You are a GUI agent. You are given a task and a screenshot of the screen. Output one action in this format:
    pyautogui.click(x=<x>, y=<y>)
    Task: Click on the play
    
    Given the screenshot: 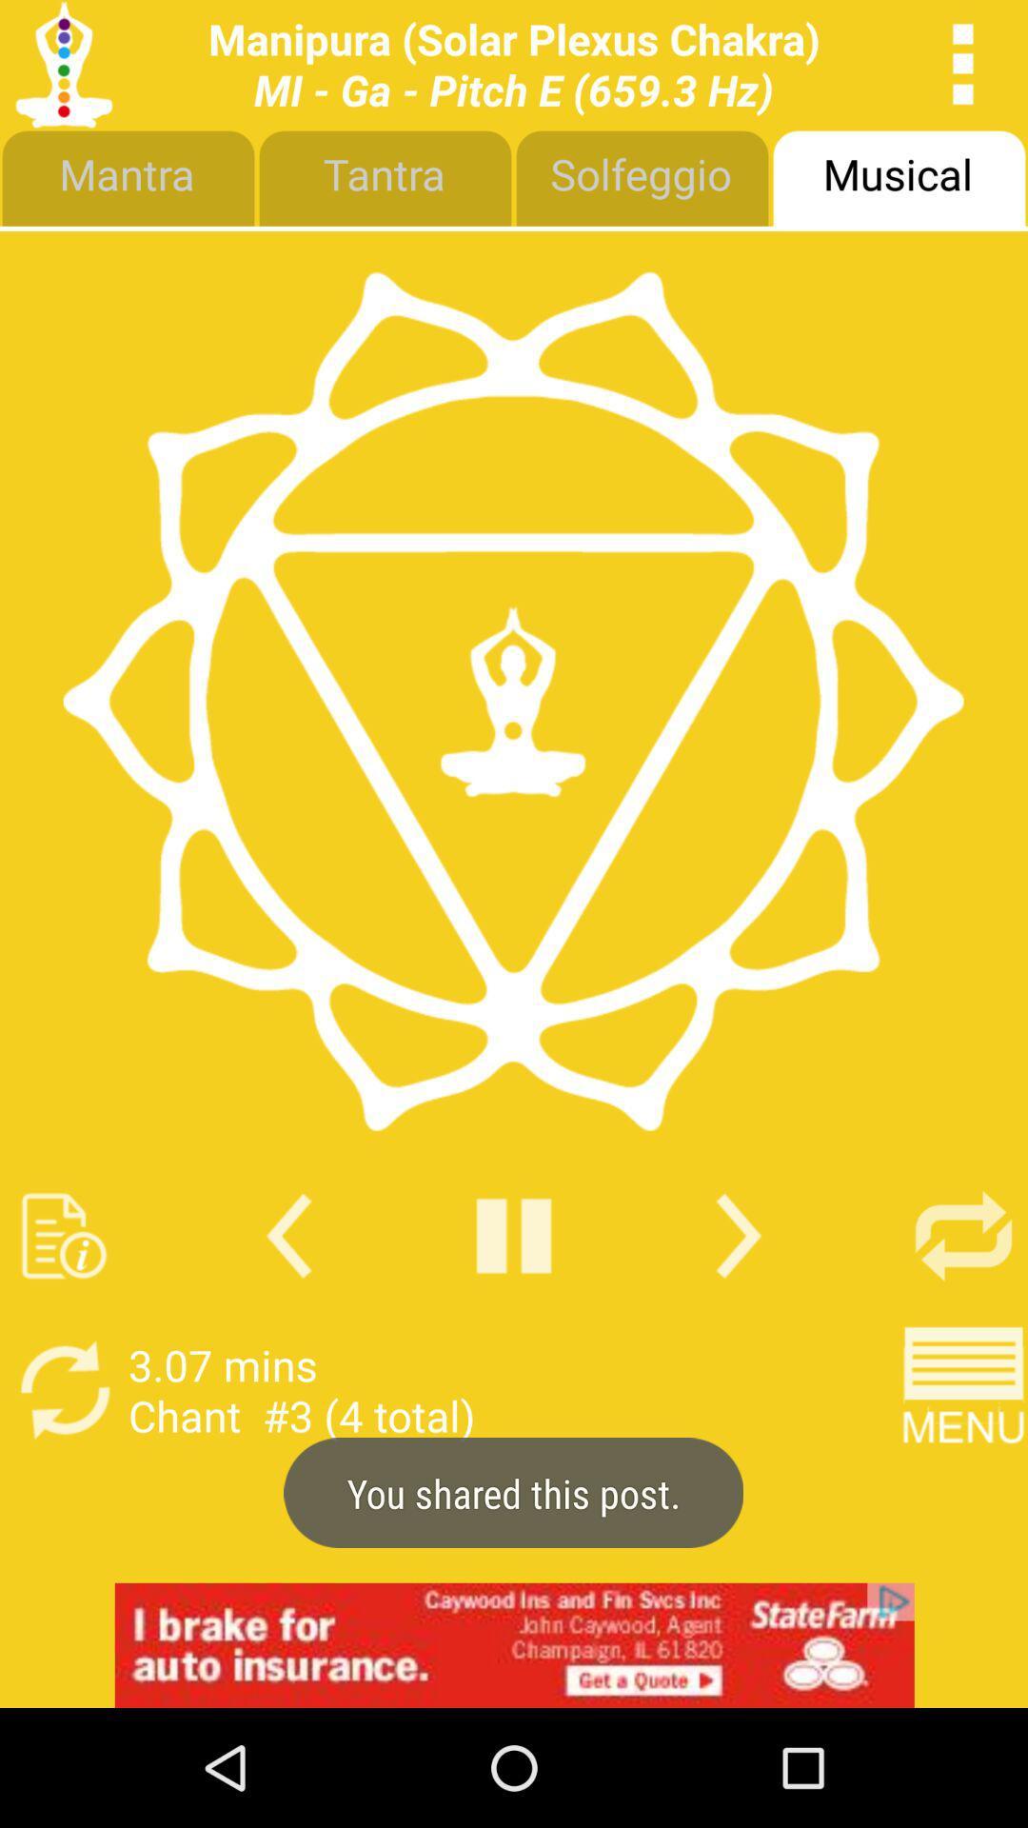 What is the action you would take?
    pyautogui.click(x=514, y=1236)
    